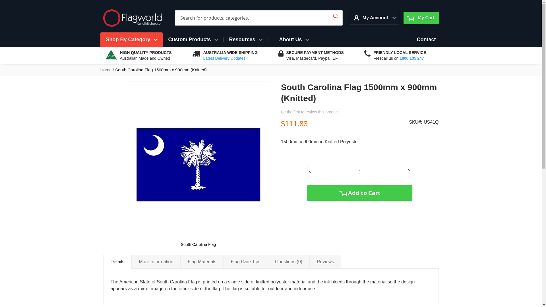  What do you see at coordinates (309, 262) in the screenshot?
I see `'Reviews'` at bounding box center [309, 262].